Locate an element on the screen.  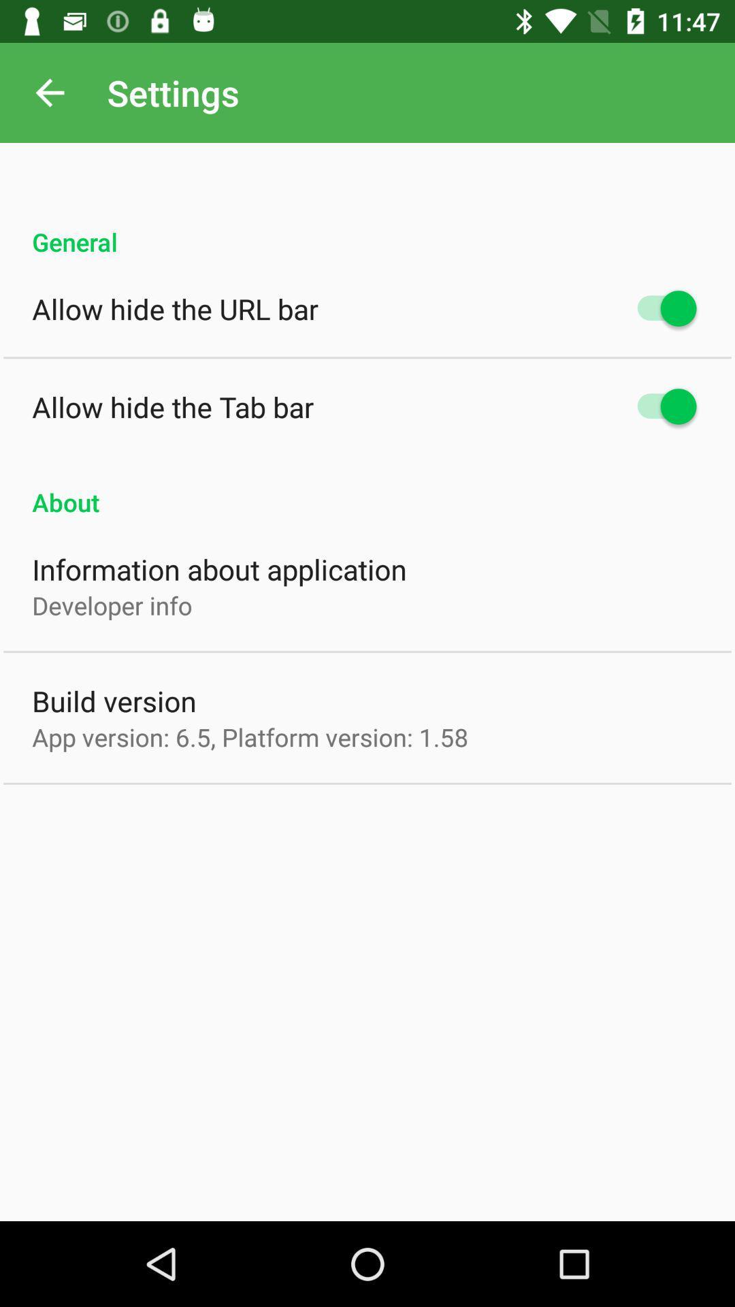
the item below build version is located at coordinates (250, 737).